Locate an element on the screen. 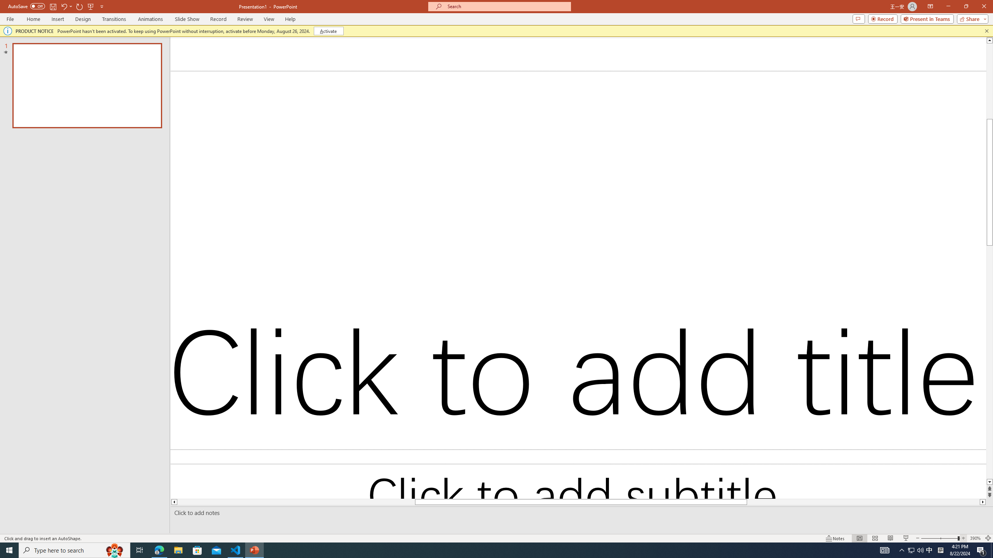 Image resolution: width=993 pixels, height=558 pixels. 'Close' is located at coordinates (983, 6).